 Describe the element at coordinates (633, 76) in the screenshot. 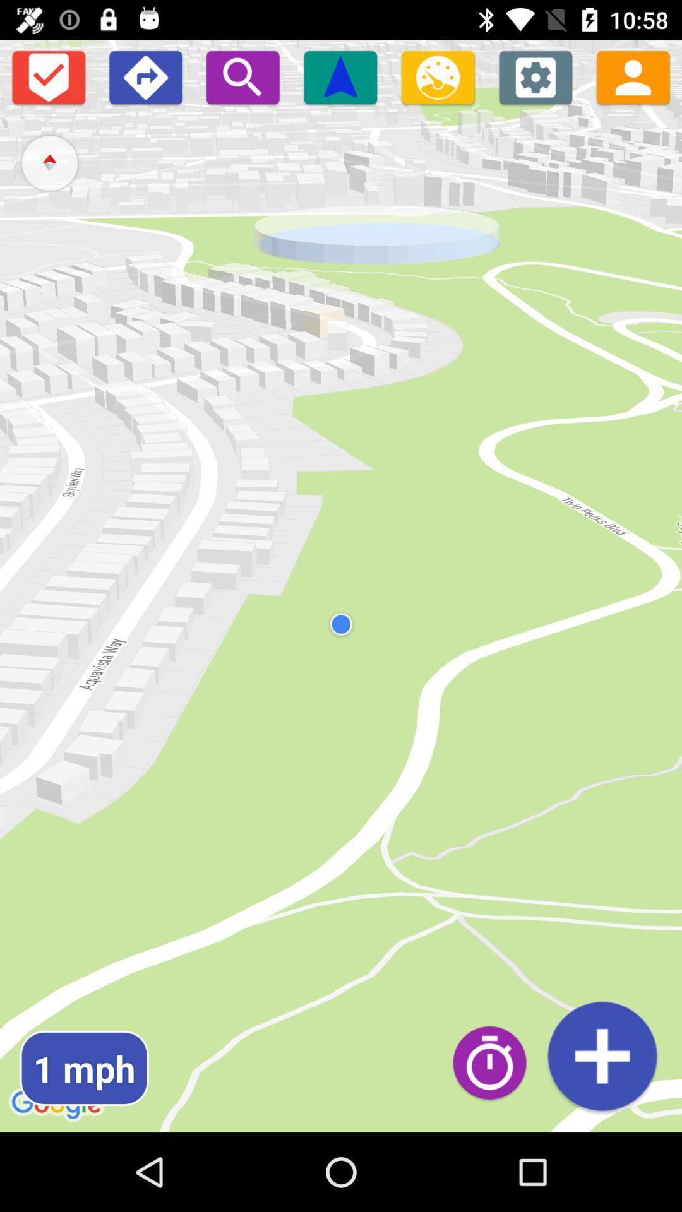

I see `edit account` at that location.